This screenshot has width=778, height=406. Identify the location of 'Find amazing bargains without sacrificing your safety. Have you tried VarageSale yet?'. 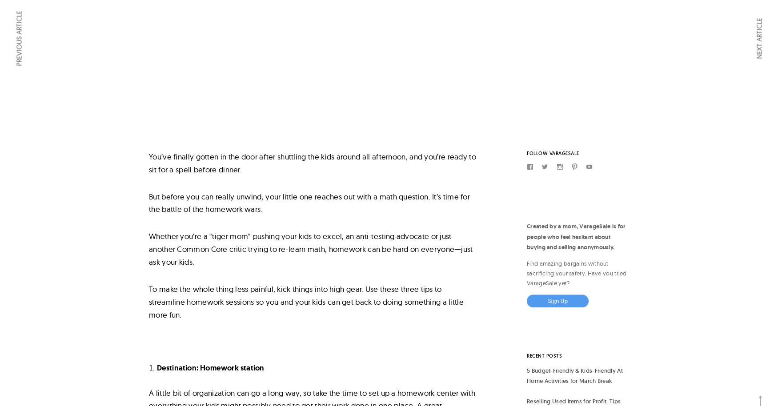
(526, 272).